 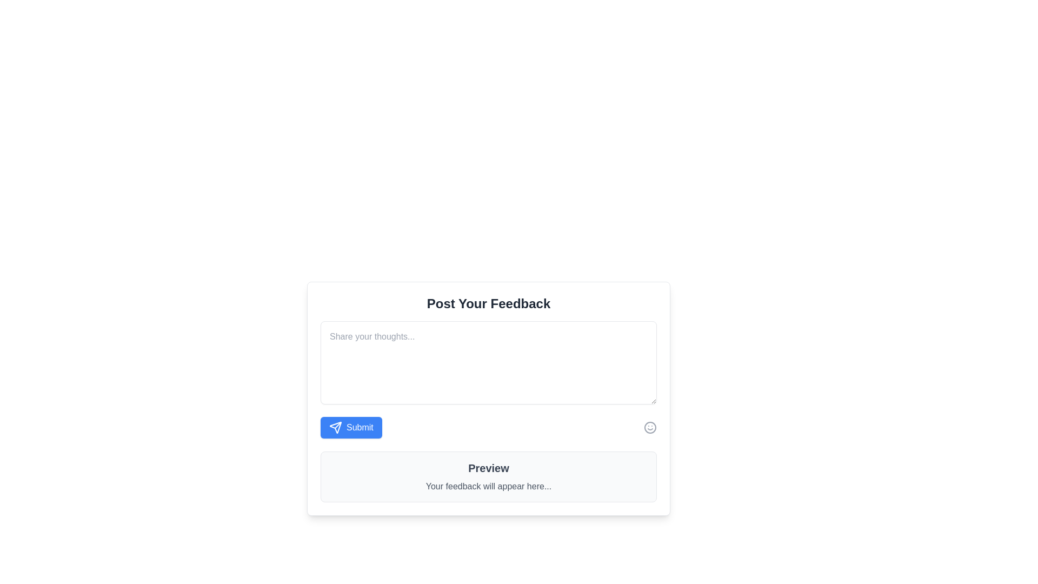 I want to click on the central circular outline of the smiley face icon, which is located at the bottom right of the feedback form UI, so click(x=650, y=427).